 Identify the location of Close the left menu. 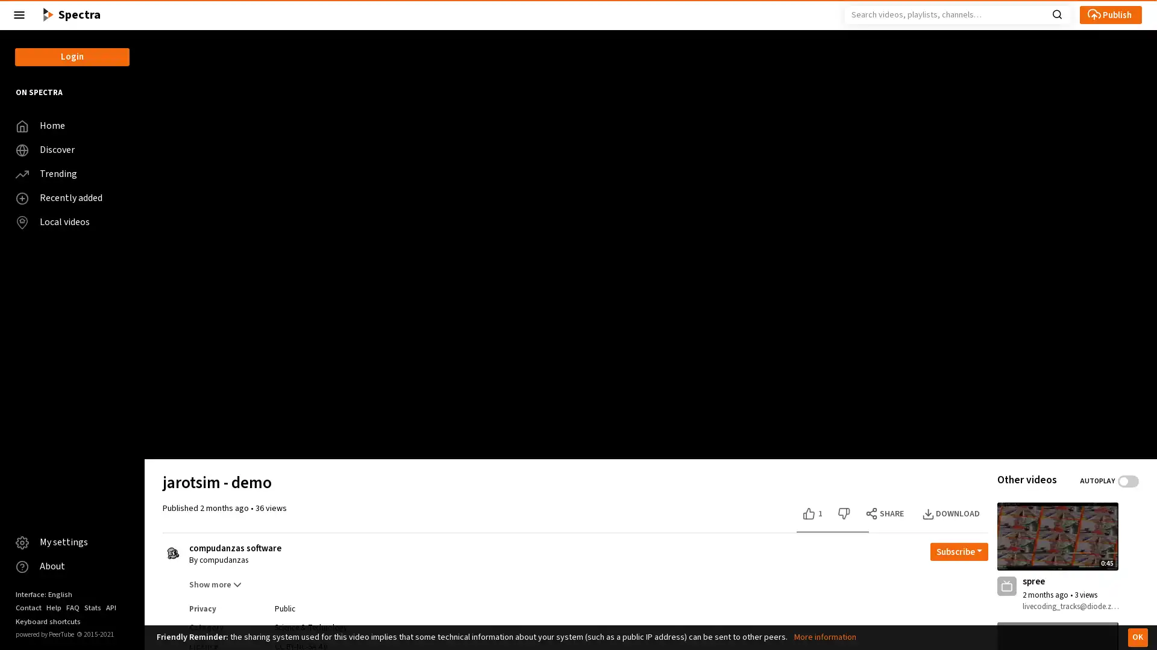
(19, 14).